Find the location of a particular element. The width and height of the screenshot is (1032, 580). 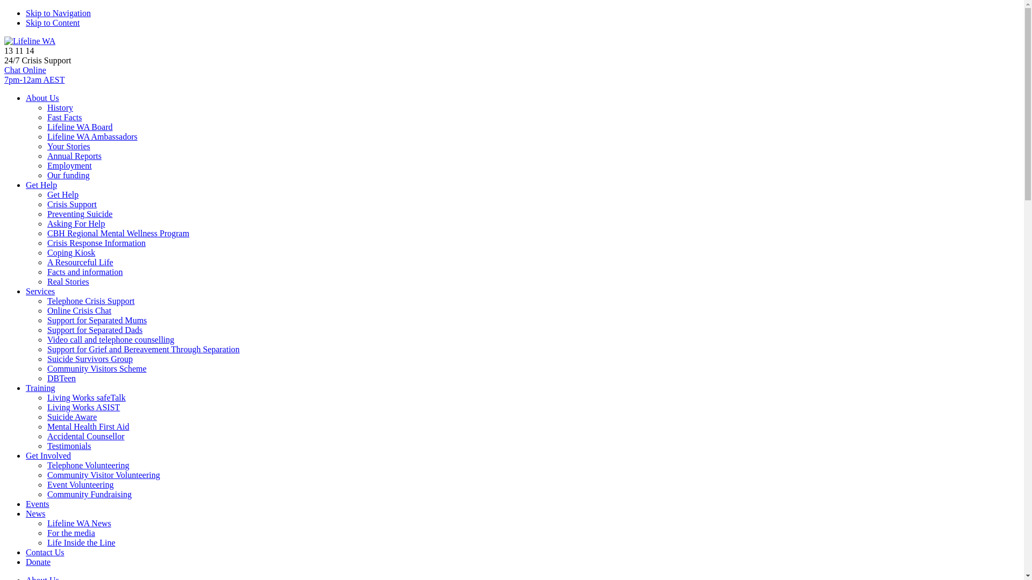

'Testimonials' is located at coordinates (69, 446).